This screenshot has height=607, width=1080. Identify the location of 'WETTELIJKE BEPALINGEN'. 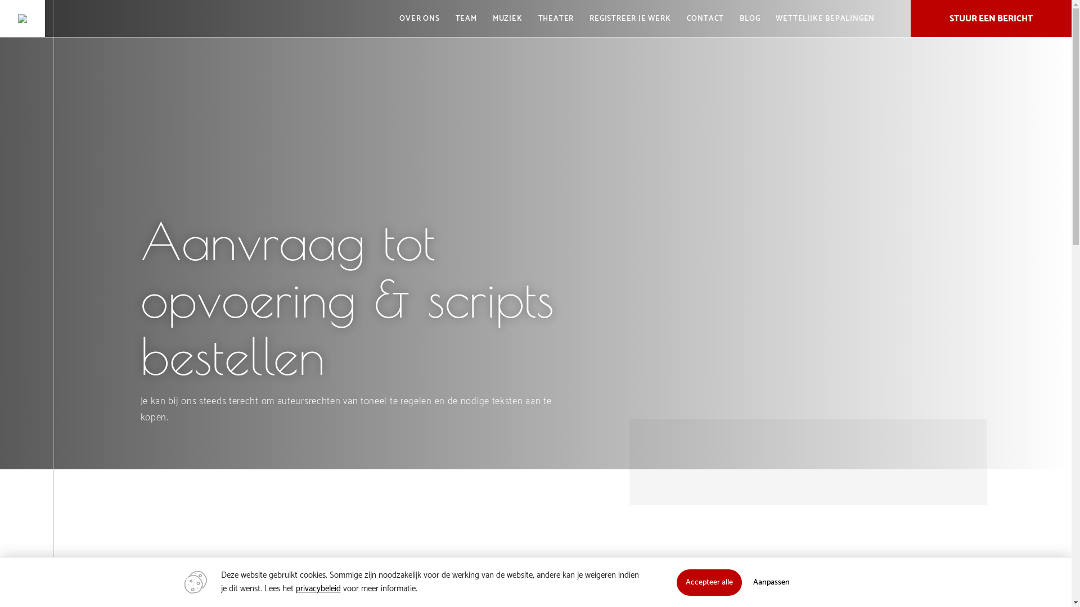
(825, 19).